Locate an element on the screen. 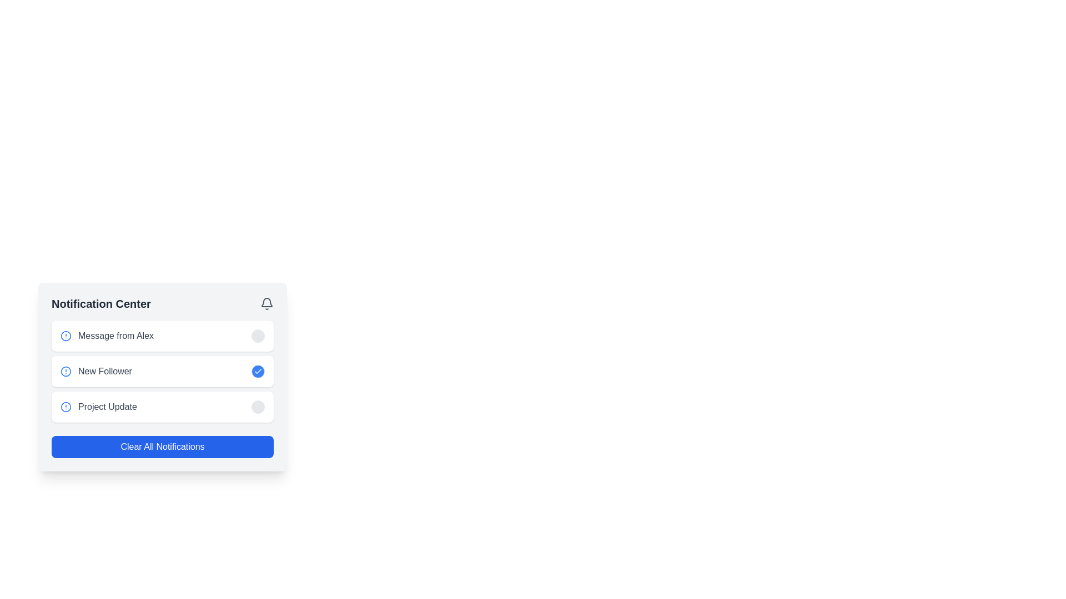  the SVG circle that represents the 'New Follower' notification indicator within its alert icon is located at coordinates (66, 372).